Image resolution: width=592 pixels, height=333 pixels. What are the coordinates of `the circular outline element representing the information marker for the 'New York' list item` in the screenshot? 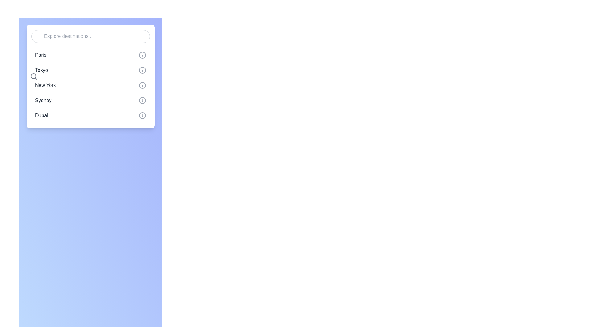 It's located at (142, 85).